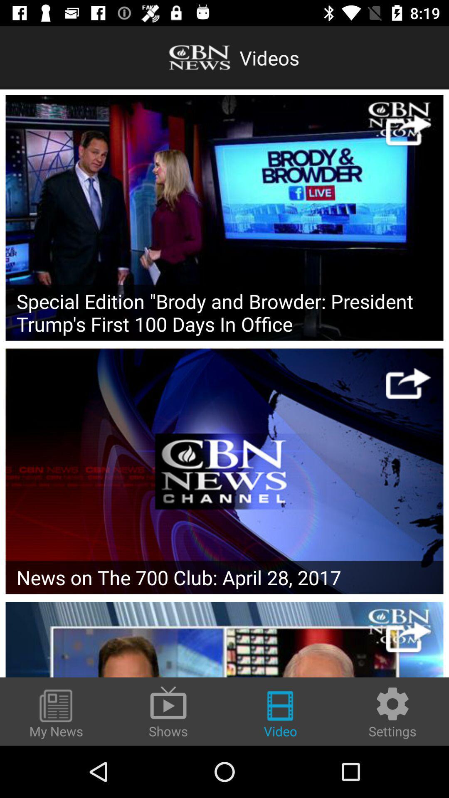 Image resolution: width=449 pixels, height=798 pixels. I want to click on channel, so click(224, 639).